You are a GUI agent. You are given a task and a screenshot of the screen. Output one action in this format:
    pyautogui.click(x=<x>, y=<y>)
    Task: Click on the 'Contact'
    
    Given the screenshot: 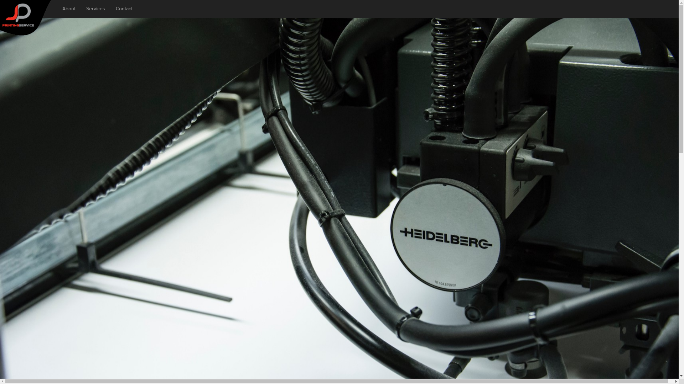 What is the action you would take?
    pyautogui.click(x=124, y=9)
    